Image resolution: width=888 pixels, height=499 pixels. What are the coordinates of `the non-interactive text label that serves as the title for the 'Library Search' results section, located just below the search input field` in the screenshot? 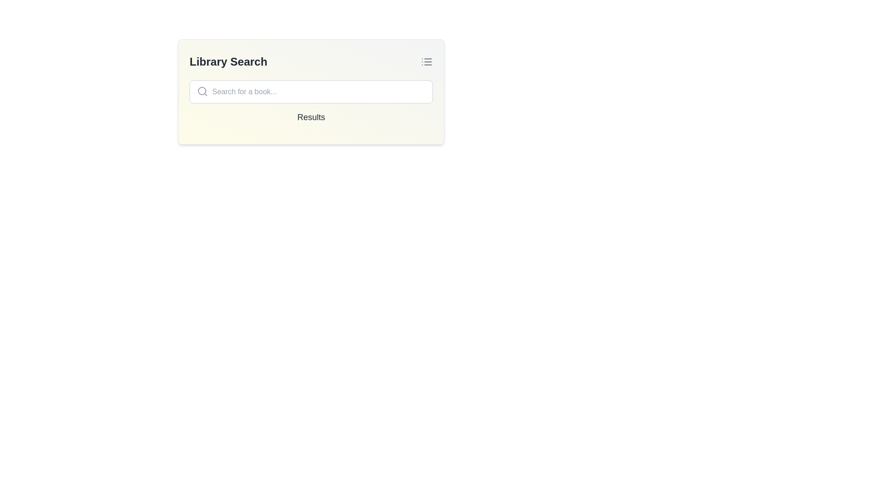 It's located at (311, 117).